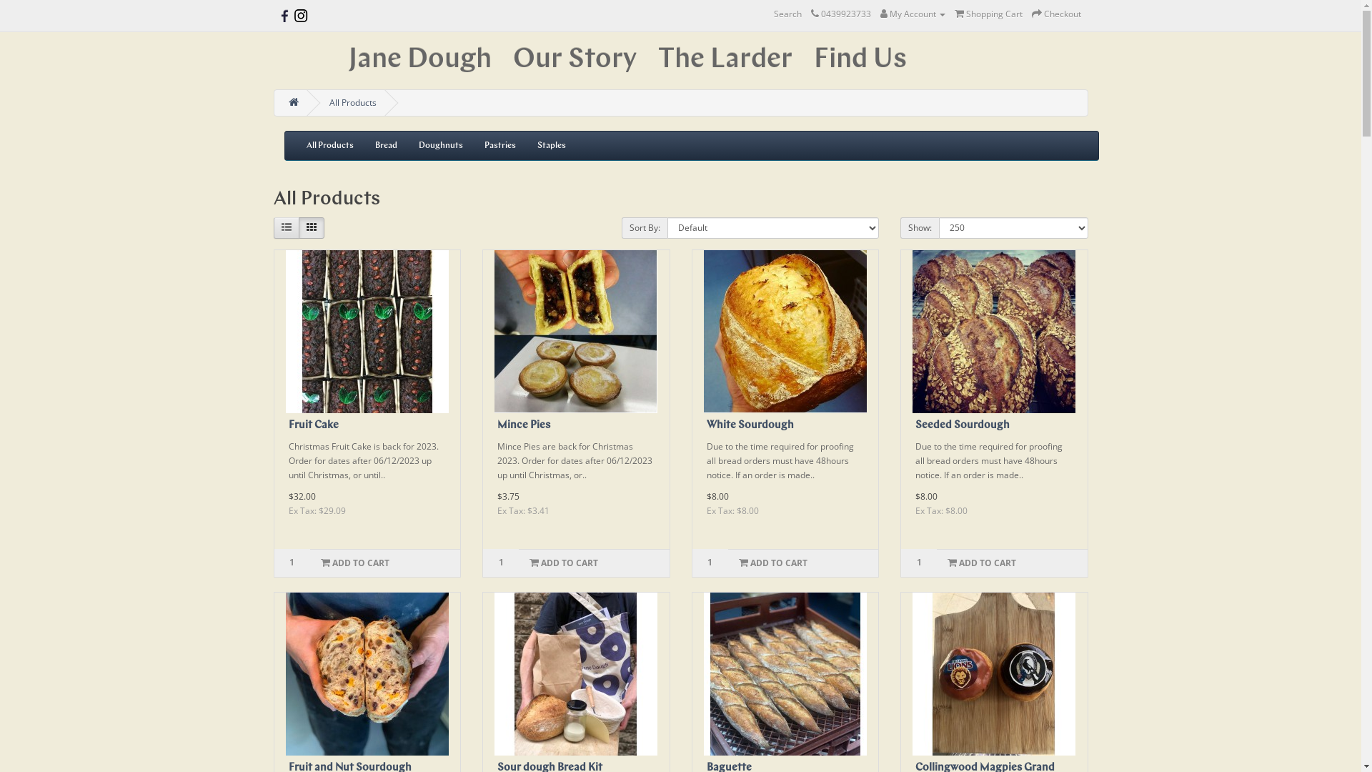 The width and height of the screenshot is (1372, 772). What do you see at coordinates (525, 146) in the screenshot?
I see `'Staples'` at bounding box center [525, 146].